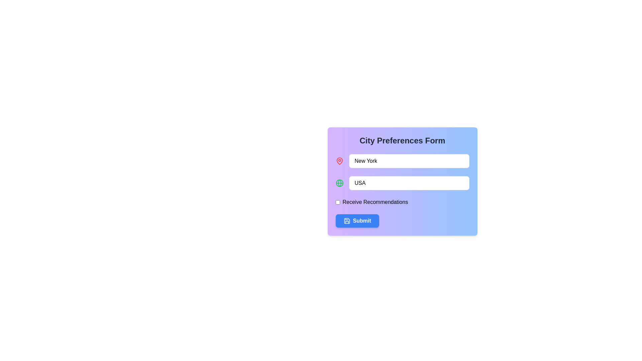 The height and width of the screenshot is (361, 642). I want to click on the interactive checkbox that toggles the 'Receive Recommendations' option for keyboard interaction, so click(337, 202).